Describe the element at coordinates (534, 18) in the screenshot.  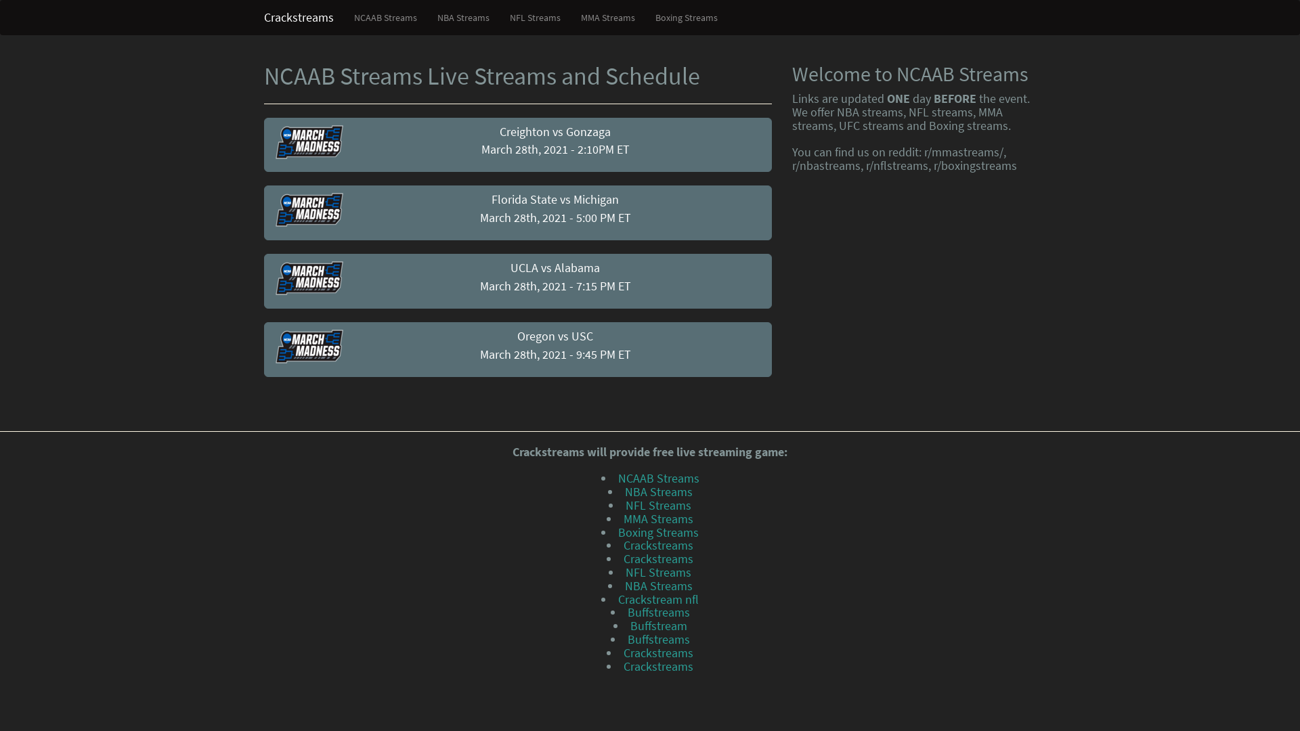
I see `'NFL Streams'` at that location.